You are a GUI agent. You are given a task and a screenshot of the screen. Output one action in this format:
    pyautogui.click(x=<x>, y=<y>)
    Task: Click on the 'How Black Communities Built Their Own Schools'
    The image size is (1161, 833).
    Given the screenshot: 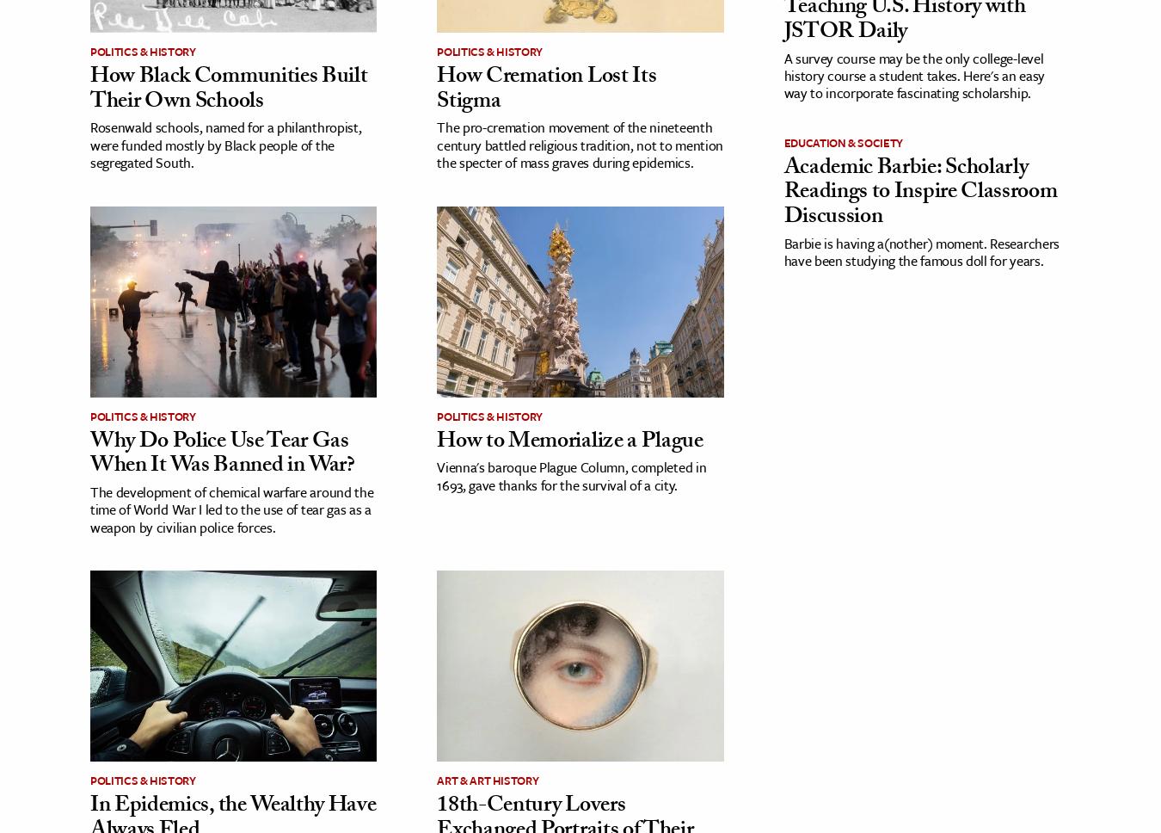 What is the action you would take?
    pyautogui.click(x=89, y=90)
    